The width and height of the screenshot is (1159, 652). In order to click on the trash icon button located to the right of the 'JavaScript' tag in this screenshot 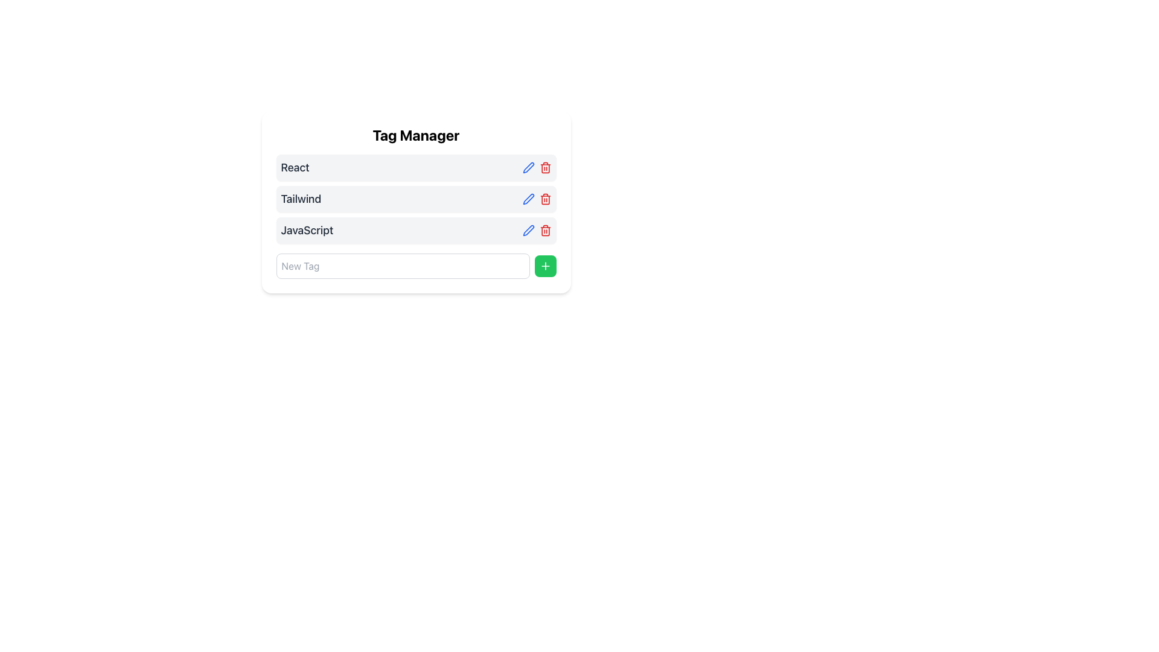, I will do `click(544, 167)`.